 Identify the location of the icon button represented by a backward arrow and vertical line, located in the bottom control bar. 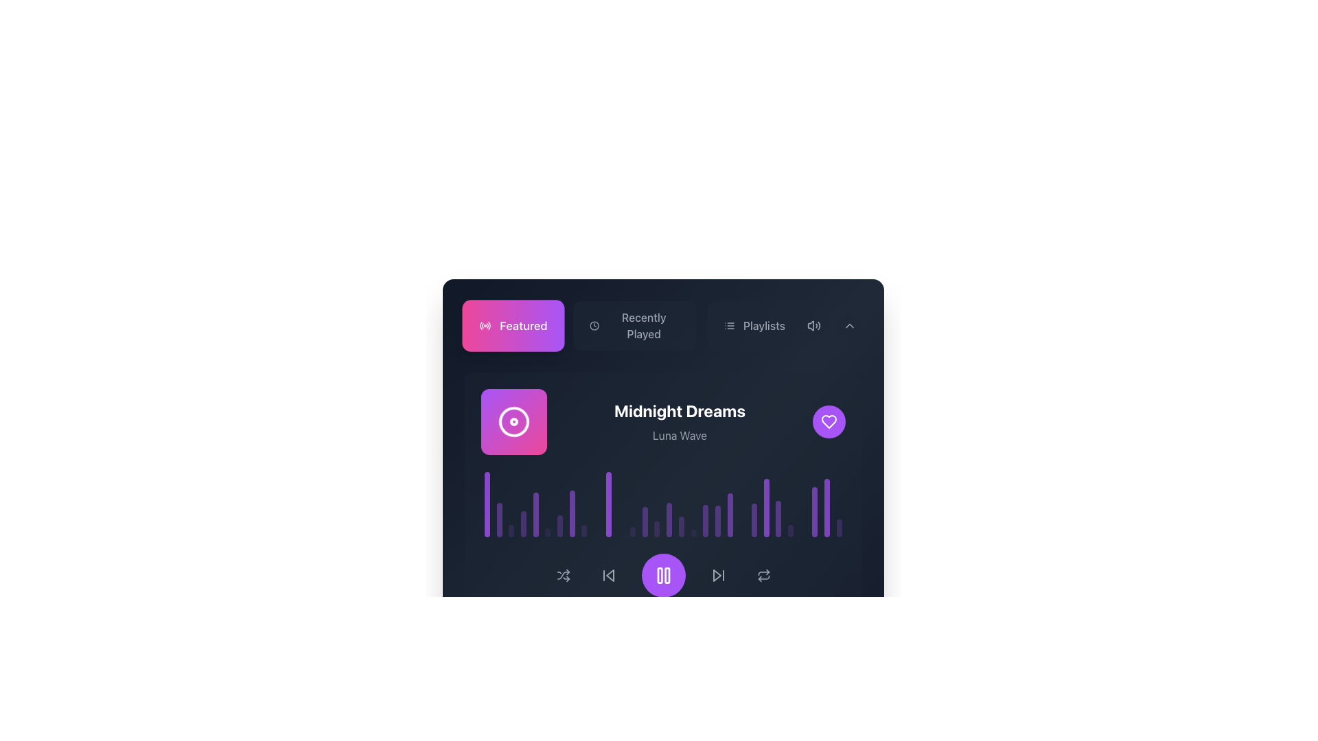
(608, 576).